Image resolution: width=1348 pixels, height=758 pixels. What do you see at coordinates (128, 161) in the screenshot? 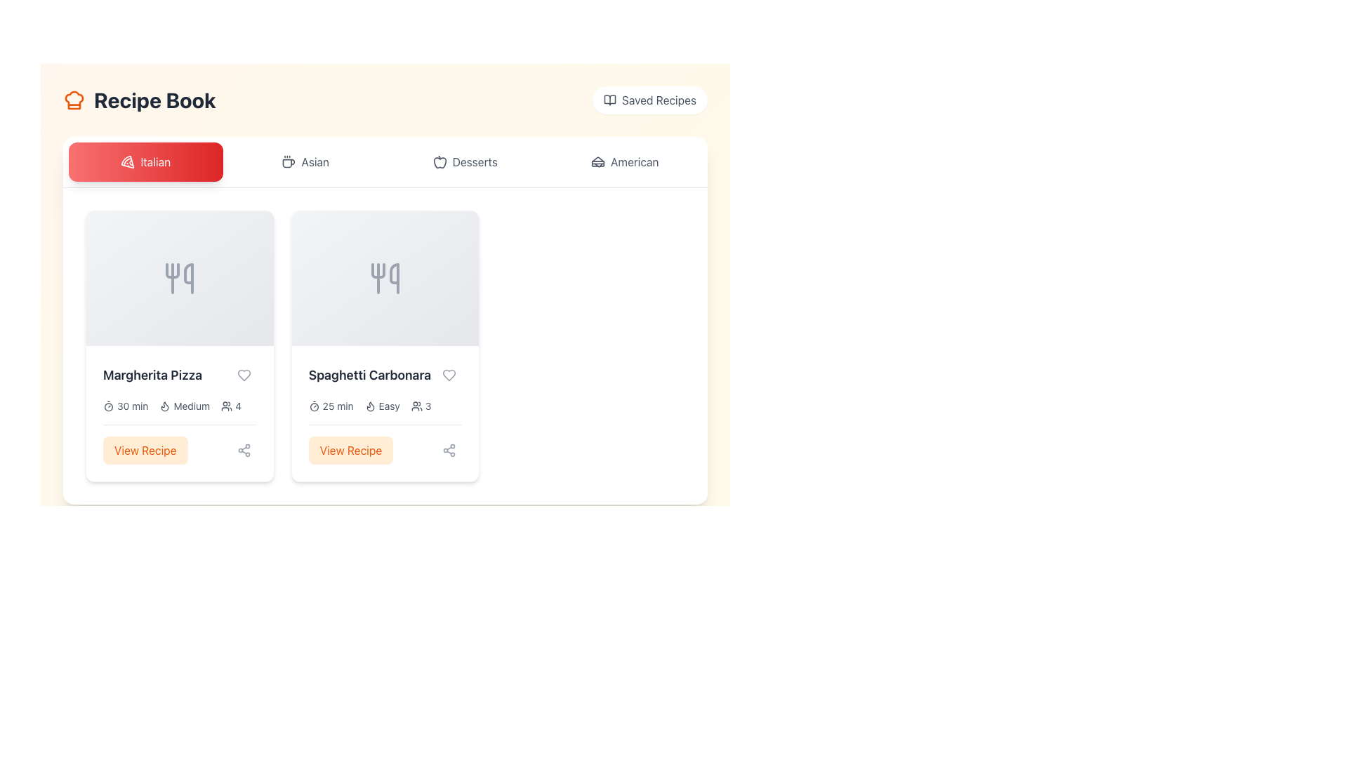
I see `the Italian cuisine icon located within the 'Italian' button in the navigation menu at the top left of the interface` at bounding box center [128, 161].